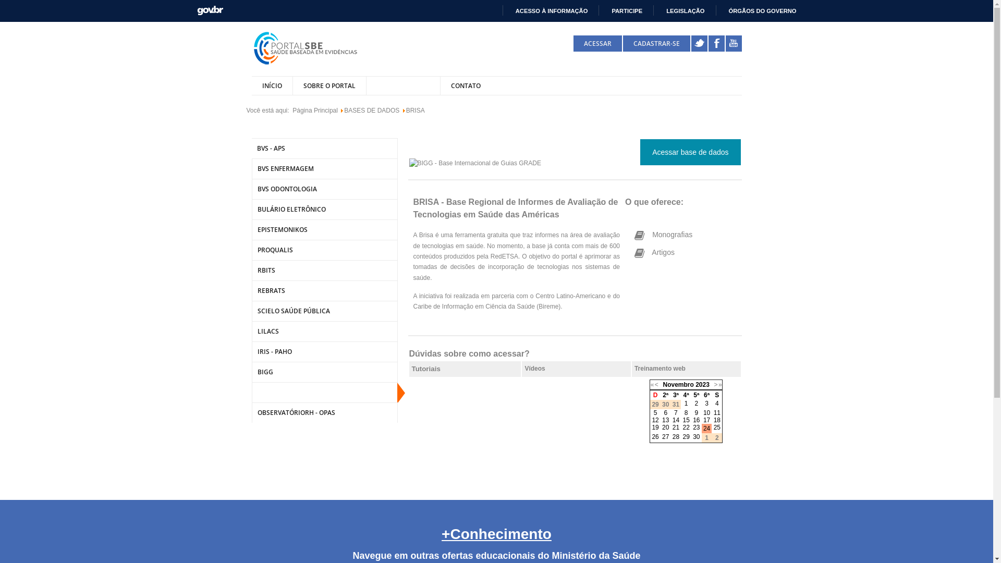  I want to click on 'BVS ENFERMAGEM', so click(324, 168).